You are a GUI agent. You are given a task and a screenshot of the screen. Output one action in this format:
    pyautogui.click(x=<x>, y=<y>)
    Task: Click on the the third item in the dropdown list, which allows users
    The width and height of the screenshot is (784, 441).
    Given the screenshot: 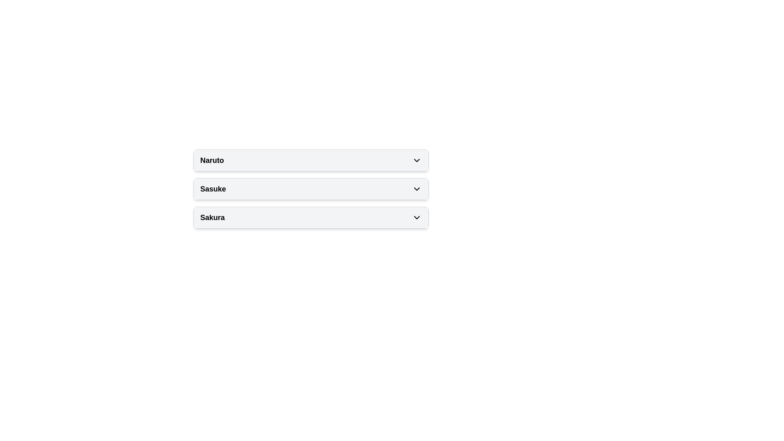 What is the action you would take?
    pyautogui.click(x=310, y=217)
    